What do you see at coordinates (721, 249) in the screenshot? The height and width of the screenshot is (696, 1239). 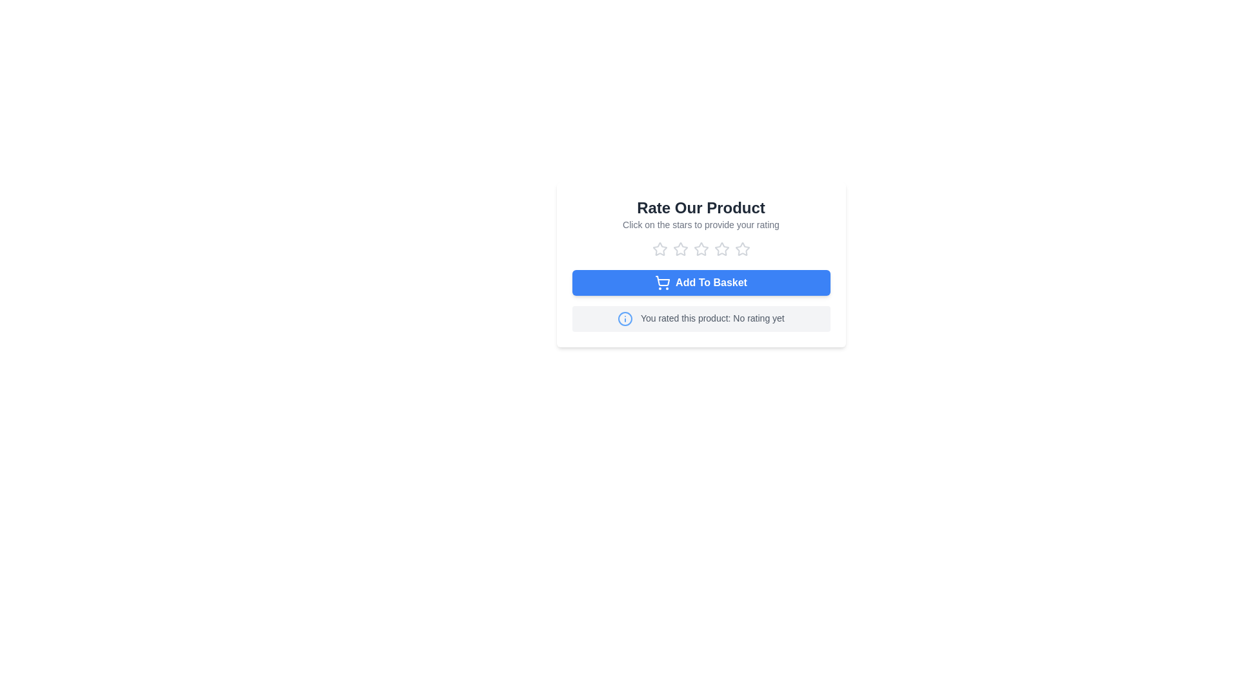 I see `the third star in the rating selection` at bounding box center [721, 249].